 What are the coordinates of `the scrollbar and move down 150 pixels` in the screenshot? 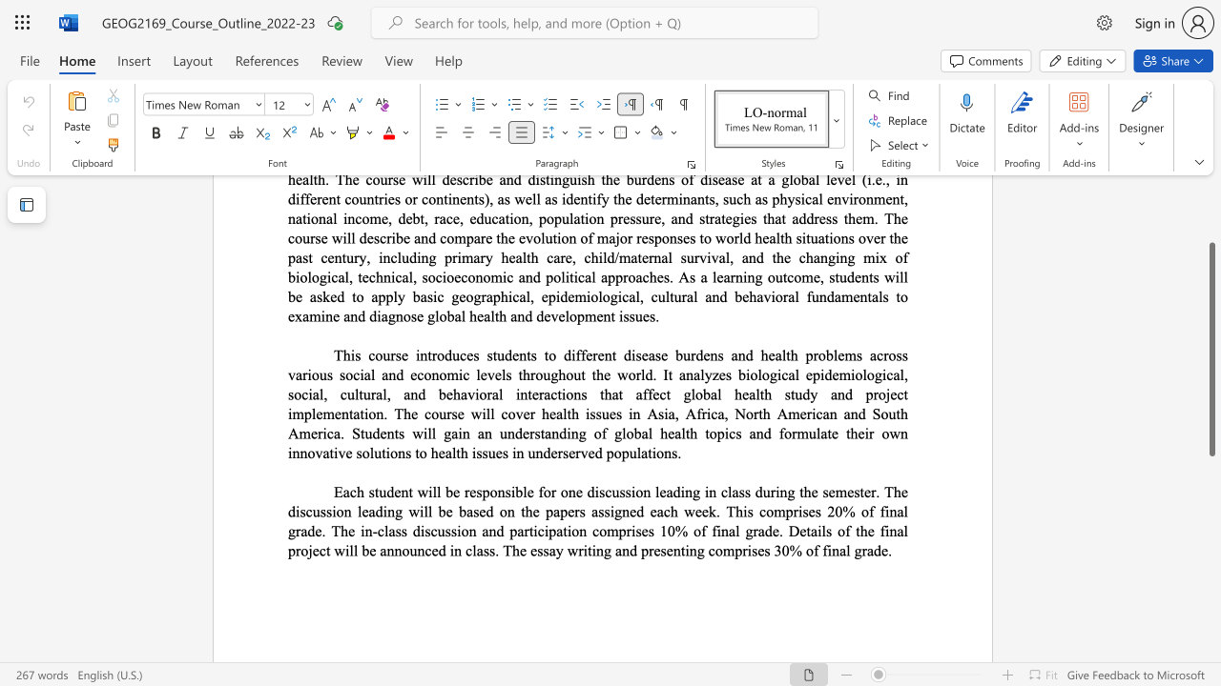 It's located at (1211, 350).